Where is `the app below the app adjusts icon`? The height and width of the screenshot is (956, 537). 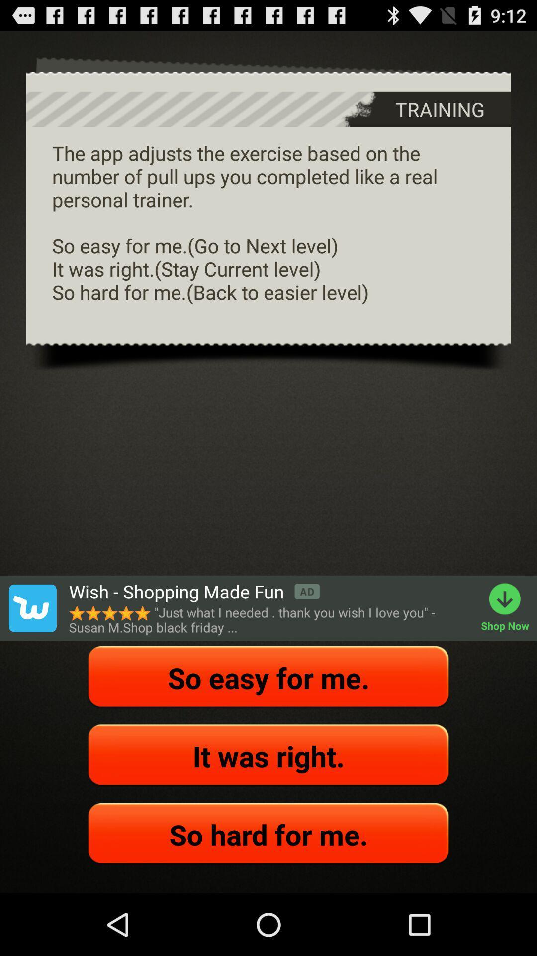
the app below the app adjusts icon is located at coordinates (194, 592).